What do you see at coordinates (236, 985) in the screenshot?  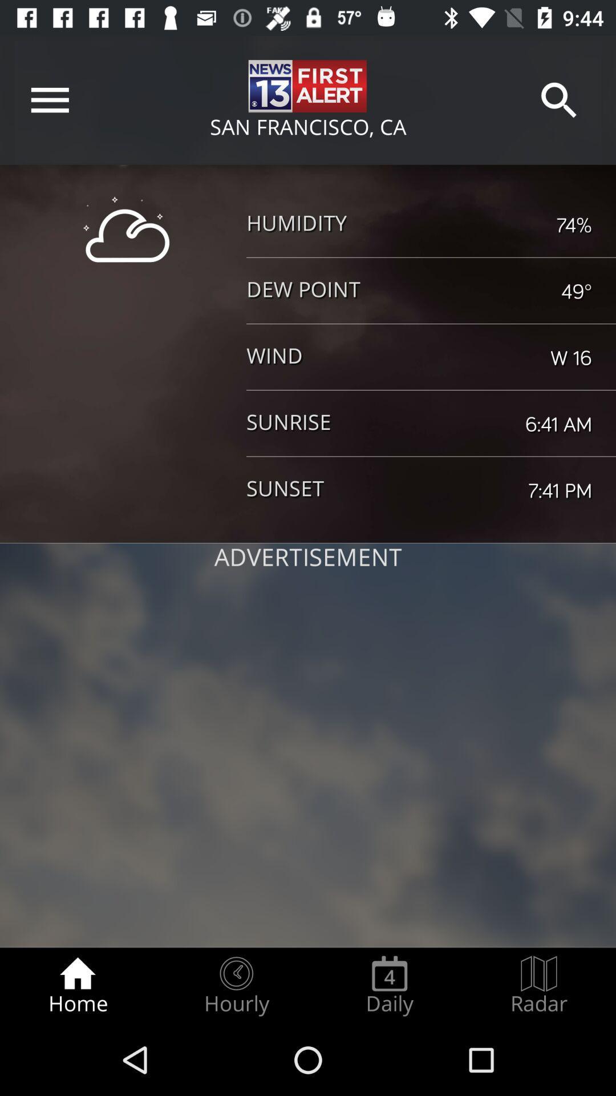 I see `icon next to home` at bounding box center [236, 985].